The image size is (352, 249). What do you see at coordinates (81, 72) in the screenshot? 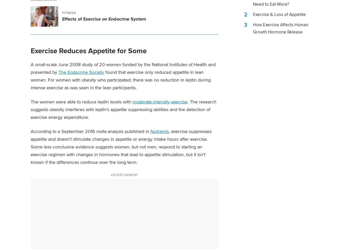
I see `'The Endocrine Society'` at bounding box center [81, 72].